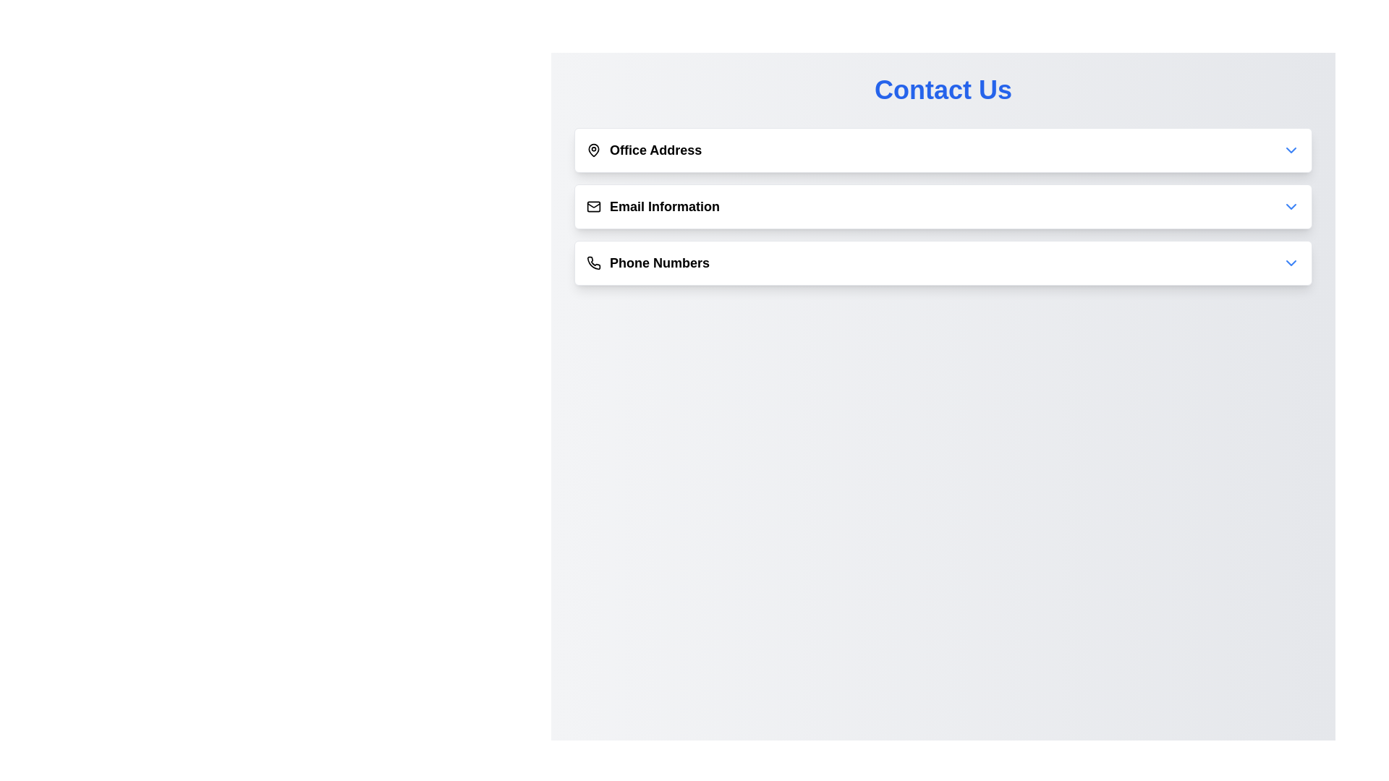  I want to click on the icon representing the 'Office Address' label, so click(593, 150).